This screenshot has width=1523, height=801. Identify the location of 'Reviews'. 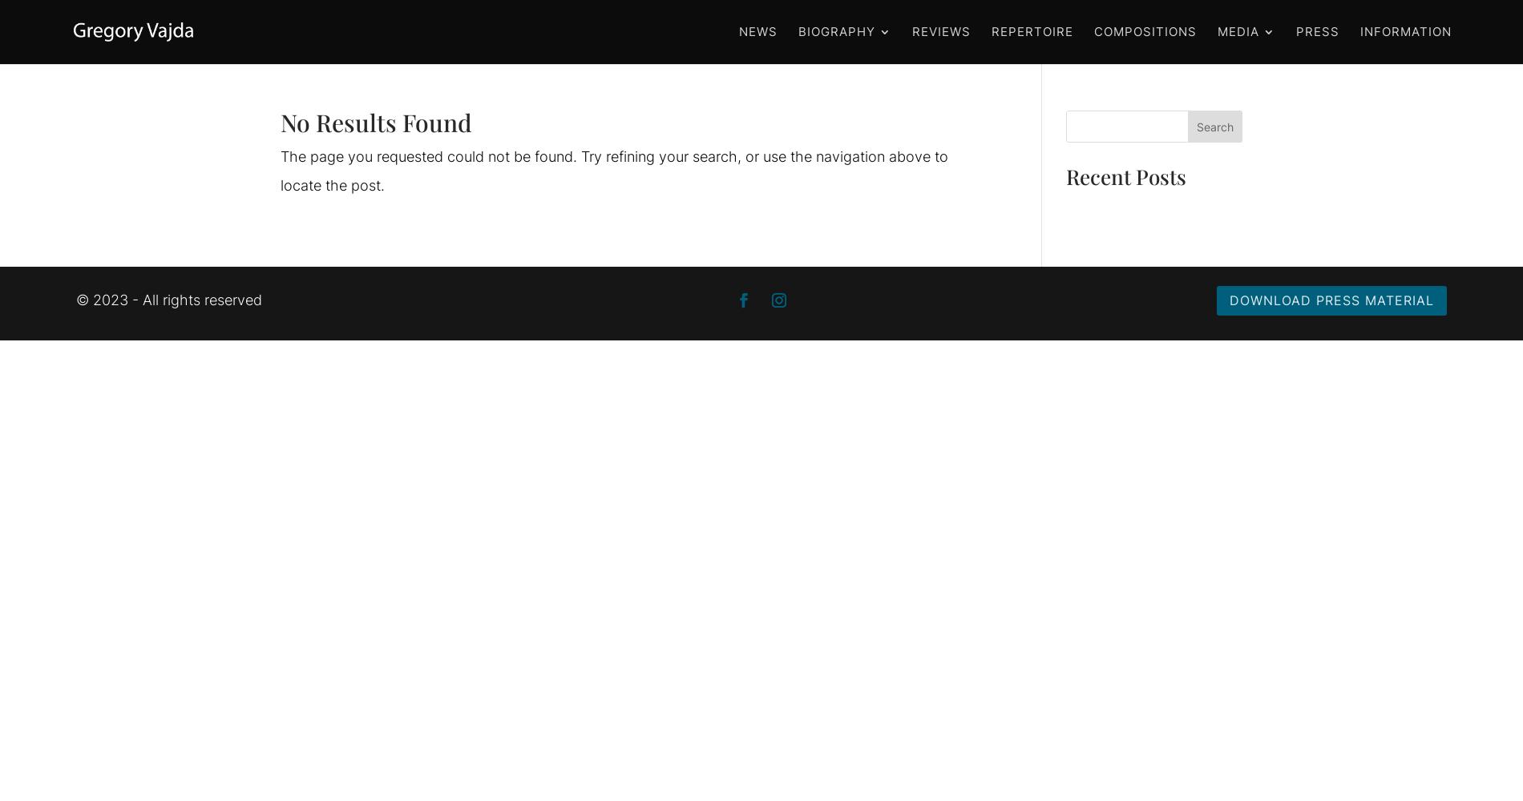
(941, 31).